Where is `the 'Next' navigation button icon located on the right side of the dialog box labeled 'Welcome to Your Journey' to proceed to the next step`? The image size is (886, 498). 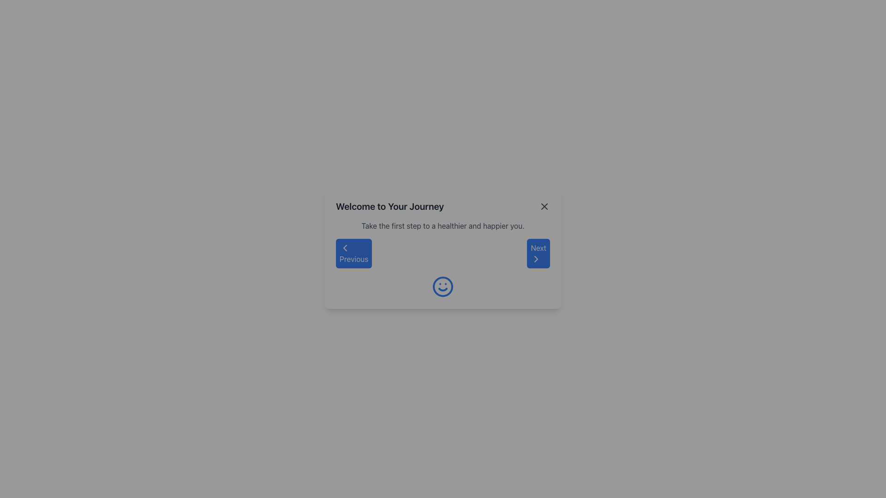
the 'Next' navigation button icon located on the right side of the dialog box labeled 'Welcome to Your Journey' to proceed to the next step is located at coordinates (536, 259).